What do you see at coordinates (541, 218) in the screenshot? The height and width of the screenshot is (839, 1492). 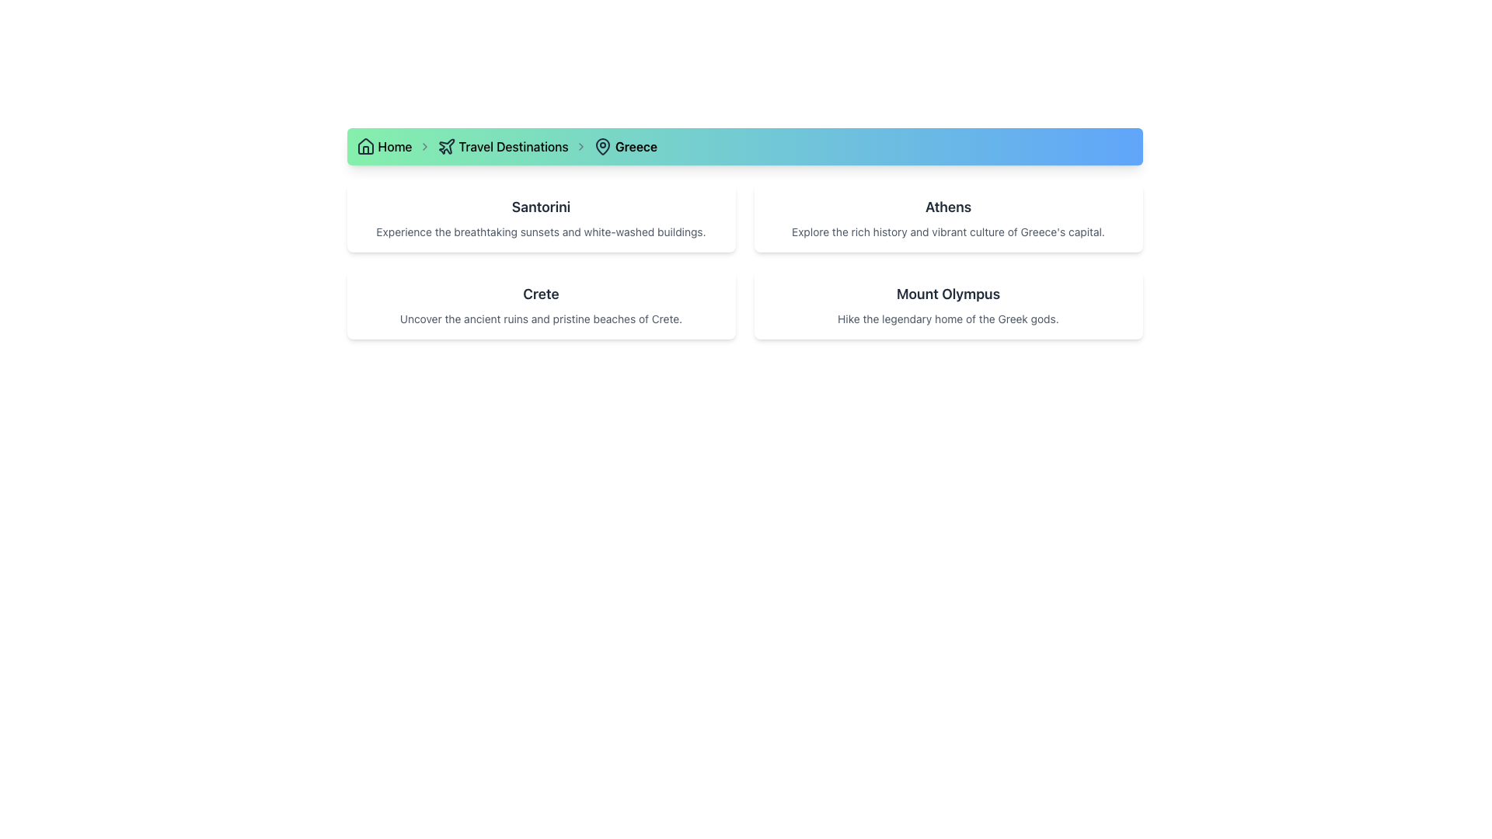 I see `the informational card displaying details about the travel destination 'Santorini', located in the top-left section of a two-column grid layout` at bounding box center [541, 218].